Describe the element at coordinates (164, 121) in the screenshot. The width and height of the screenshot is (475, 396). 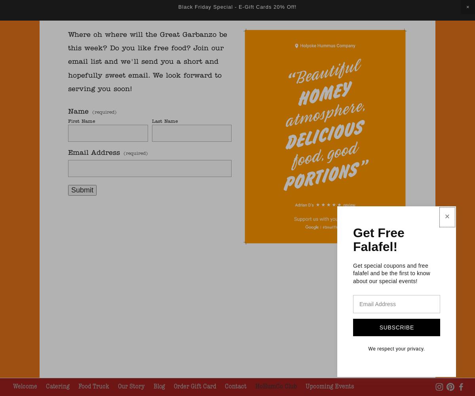
I see `'Last Name'` at that location.